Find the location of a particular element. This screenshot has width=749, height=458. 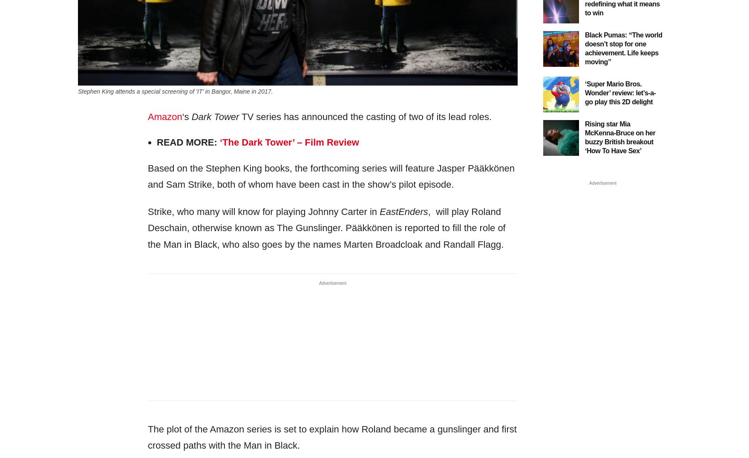

'EastEnders' is located at coordinates (379, 212).